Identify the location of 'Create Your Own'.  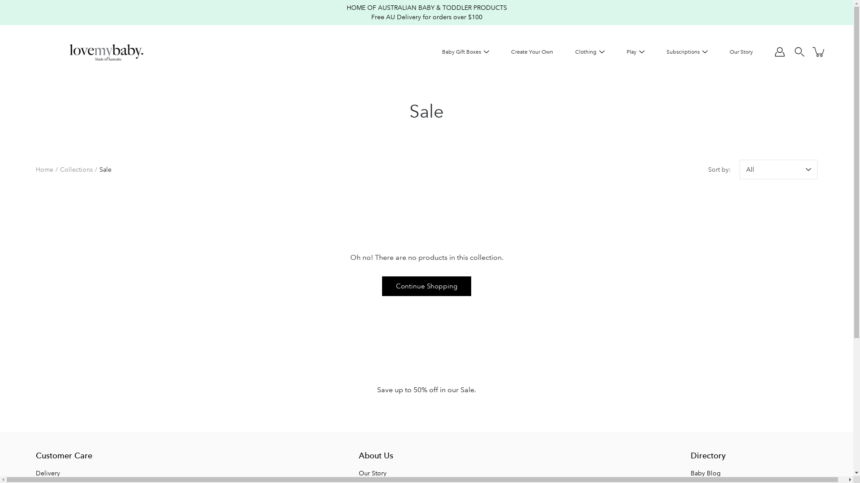
(532, 52).